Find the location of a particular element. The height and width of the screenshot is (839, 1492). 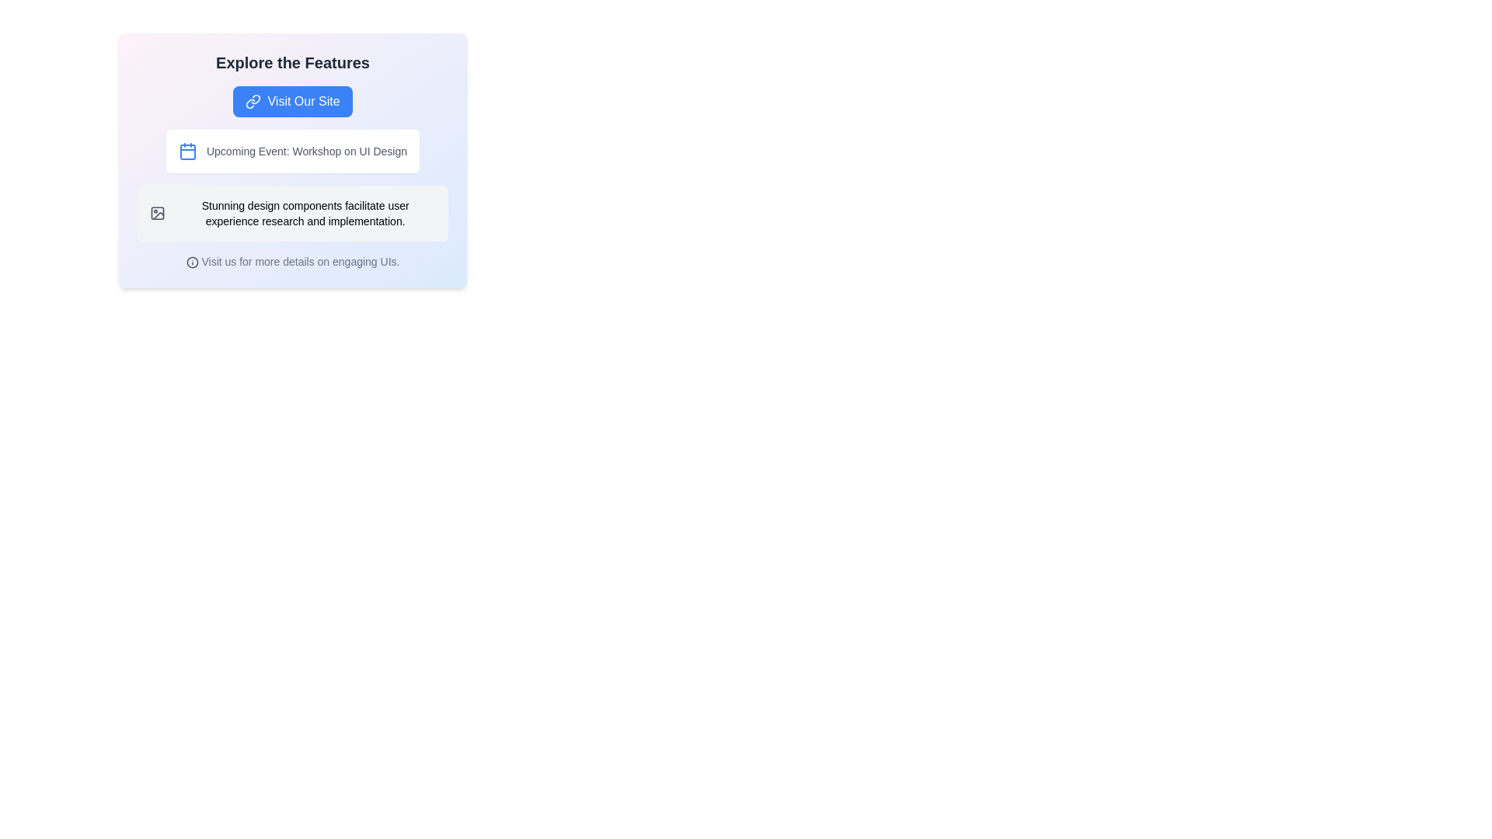

the calendar icon, which is a rectangular shape with rounded corners and a light blue fill color, located to the left of the text 'Upcoming Event: Workshop on UI Design' is located at coordinates (186, 152).